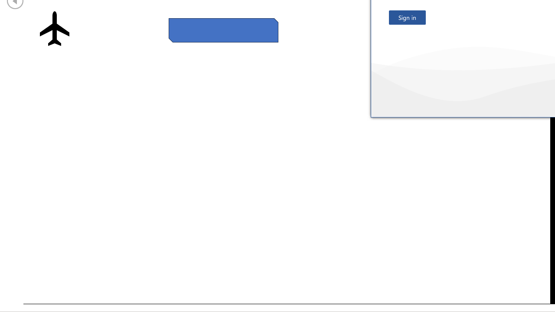 The height and width of the screenshot is (312, 555). I want to click on 'Rectangle: Diagonal Corners Snipped 2', so click(223, 29).